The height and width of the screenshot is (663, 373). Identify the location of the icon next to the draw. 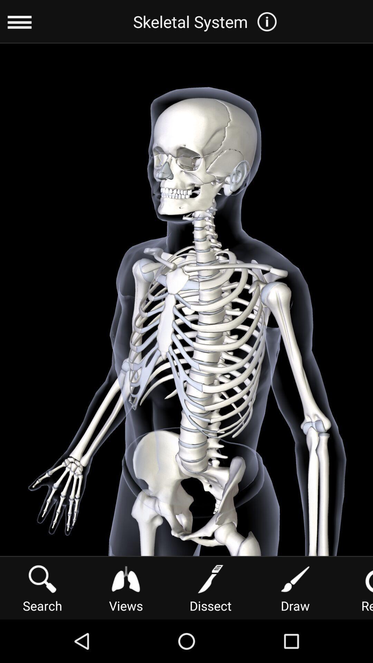
(210, 587).